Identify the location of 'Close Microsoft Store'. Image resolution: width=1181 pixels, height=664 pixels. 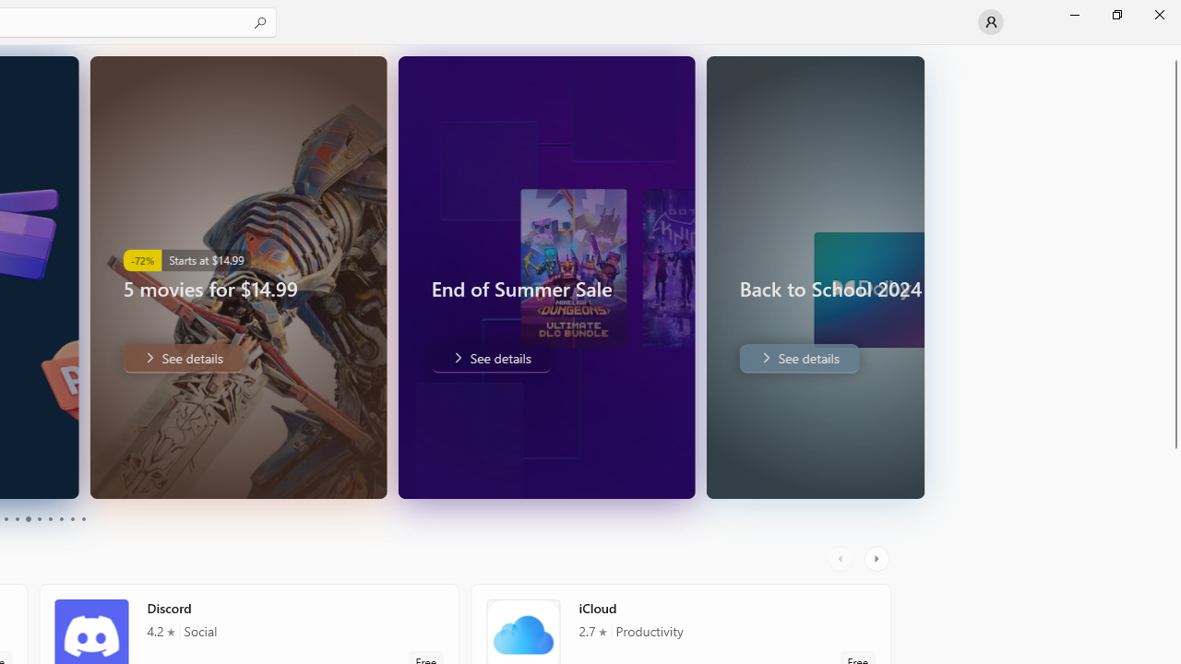
(1158, 14).